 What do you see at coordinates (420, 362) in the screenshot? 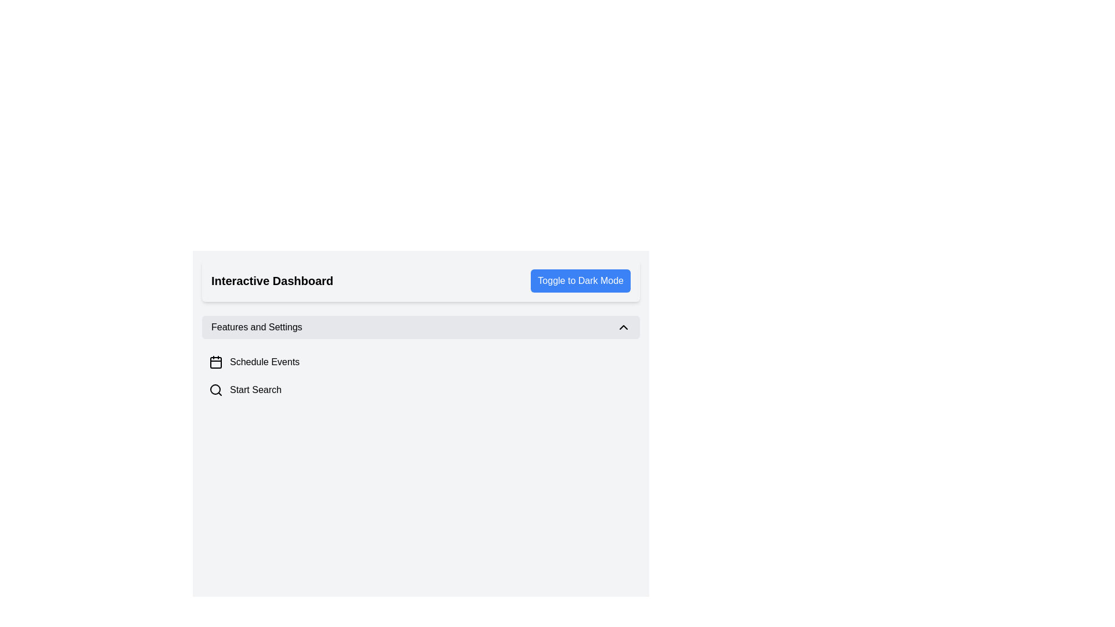
I see `the scheduling button, which is the first button in a pair of similar buttons` at bounding box center [420, 362].